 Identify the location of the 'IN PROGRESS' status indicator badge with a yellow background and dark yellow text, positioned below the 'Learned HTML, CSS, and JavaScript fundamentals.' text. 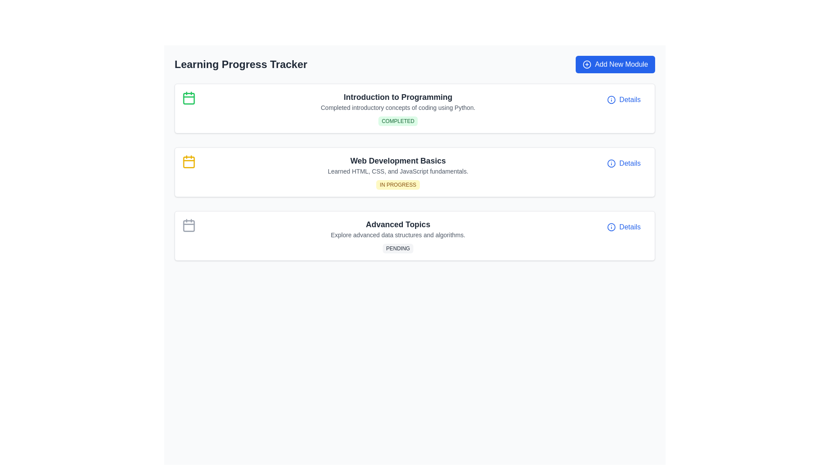
(398, 184).